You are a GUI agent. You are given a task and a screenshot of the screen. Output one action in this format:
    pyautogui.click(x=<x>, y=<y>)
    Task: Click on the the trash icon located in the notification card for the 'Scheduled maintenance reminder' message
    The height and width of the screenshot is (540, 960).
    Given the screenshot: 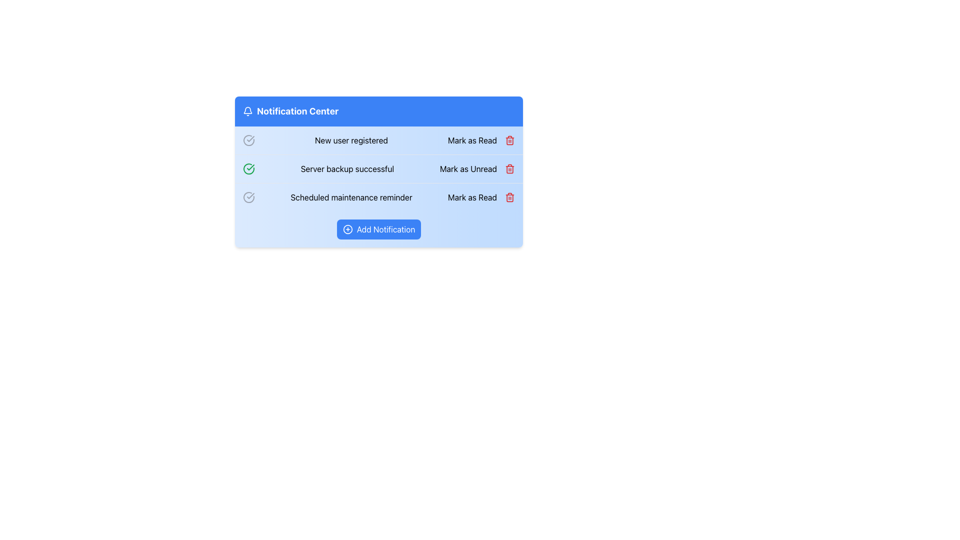 What is the action you would take?
    pyautogui.click(x=509, y=198)
    